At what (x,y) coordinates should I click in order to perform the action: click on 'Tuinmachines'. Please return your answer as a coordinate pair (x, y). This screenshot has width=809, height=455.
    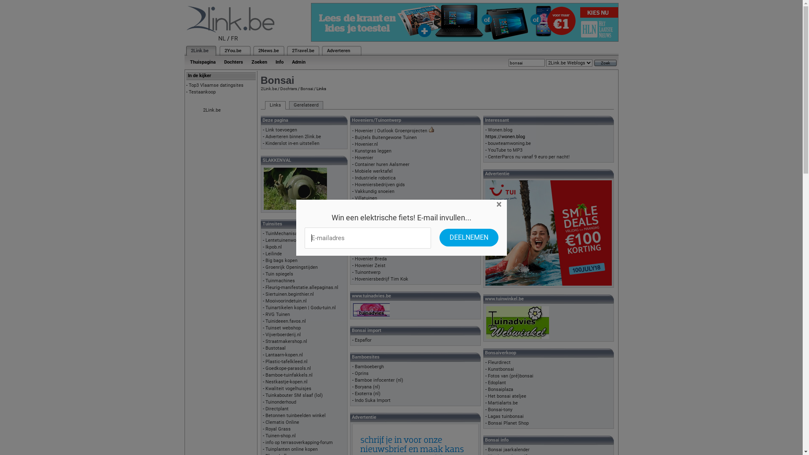
    Looking at the image, I should click on (280, 281).